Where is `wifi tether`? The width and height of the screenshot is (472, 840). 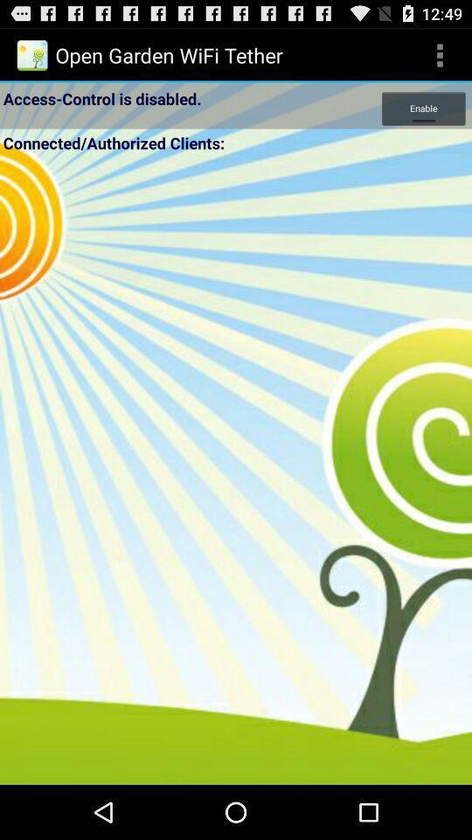 wifi tether is located at coordinates (236, 469).